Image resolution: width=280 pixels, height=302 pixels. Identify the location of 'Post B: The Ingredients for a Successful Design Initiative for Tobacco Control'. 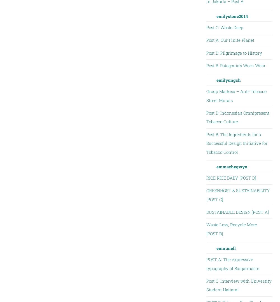
(236, 143).